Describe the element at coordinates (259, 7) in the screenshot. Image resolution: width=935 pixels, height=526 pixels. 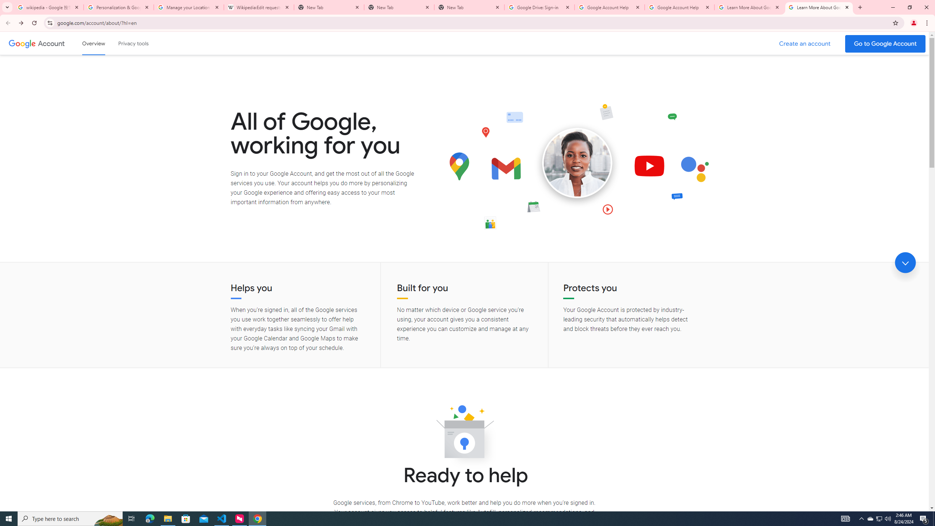
I see `'Wikipedia:Edit requests - Wikipedia'` at that location.